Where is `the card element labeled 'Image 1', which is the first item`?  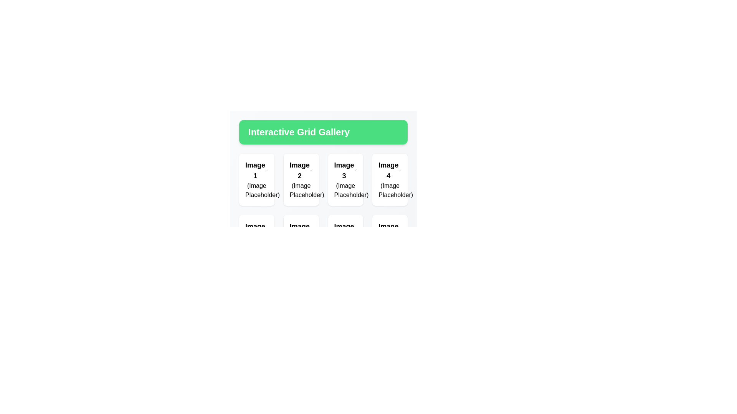
the card element labeled 'Image 1', which is the first item is located at coordinates (256, 180).